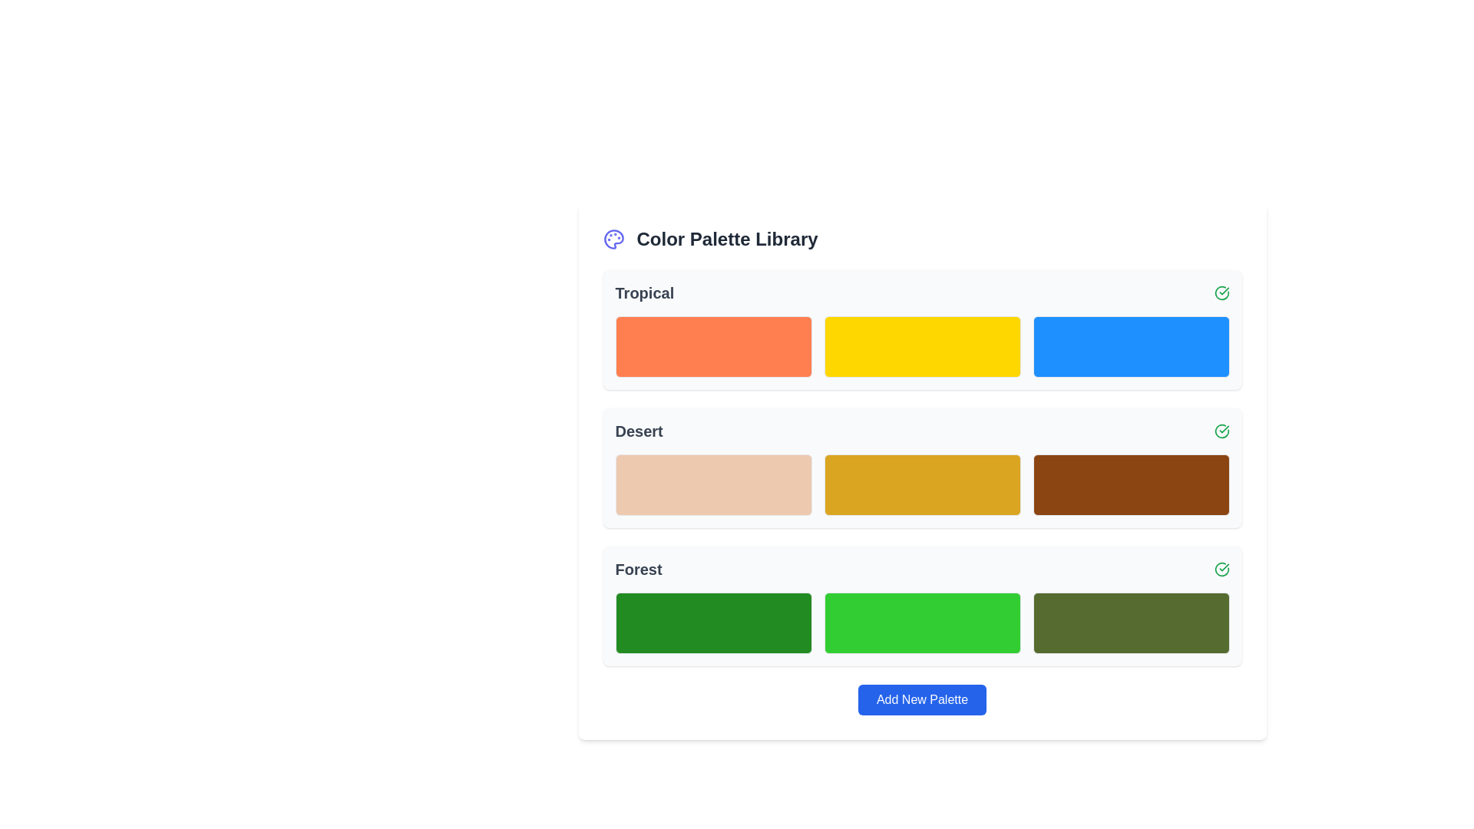  I want to click on the static rectangular color box with a rich brown color and rounded corners, located in the 'Desert' section under the second group of color palettes, so click(1131, 485).